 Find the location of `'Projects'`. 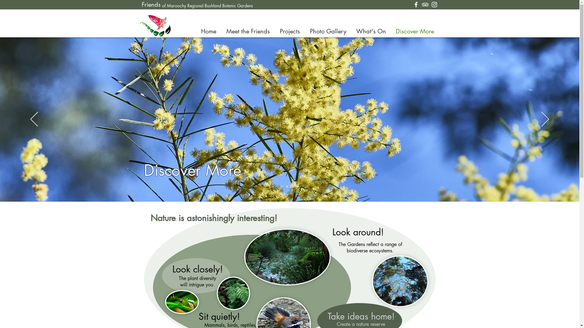

'Projects' is located at coordinates (290, 31).